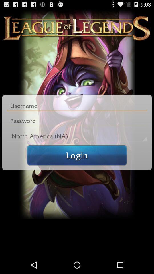 The width and height of the screenshot is (154, 274). Describe the element at coordinates (77, 155) in the screenshot. I see `the app below north america (na) icon` at that location.